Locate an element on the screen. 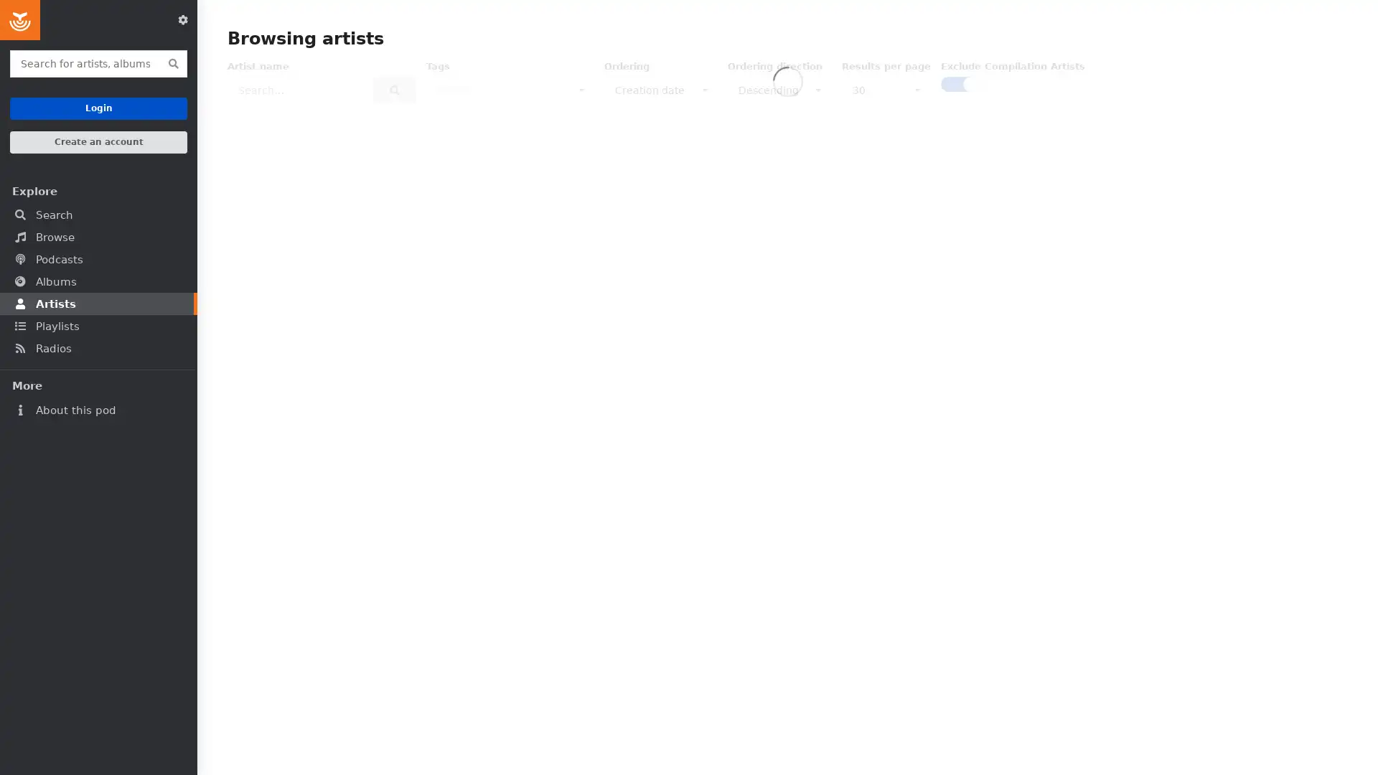  Play artist is located at coordinates (815, 245).